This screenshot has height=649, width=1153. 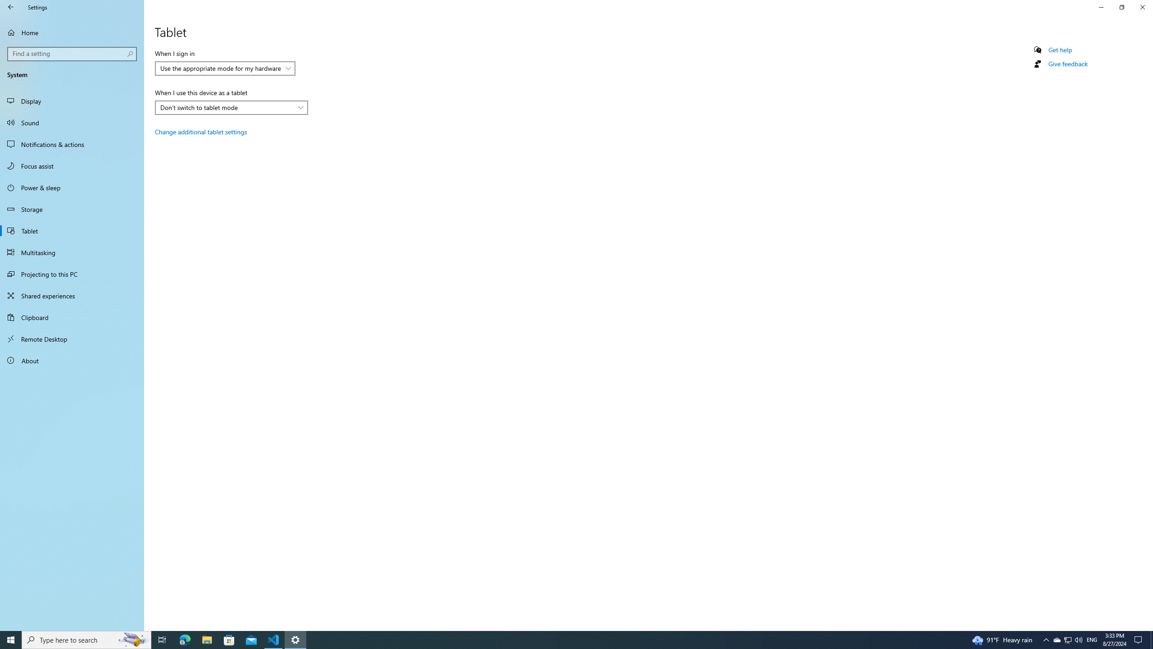 I want to click on 'Projecting to this PC', so click(x=72, y=274).